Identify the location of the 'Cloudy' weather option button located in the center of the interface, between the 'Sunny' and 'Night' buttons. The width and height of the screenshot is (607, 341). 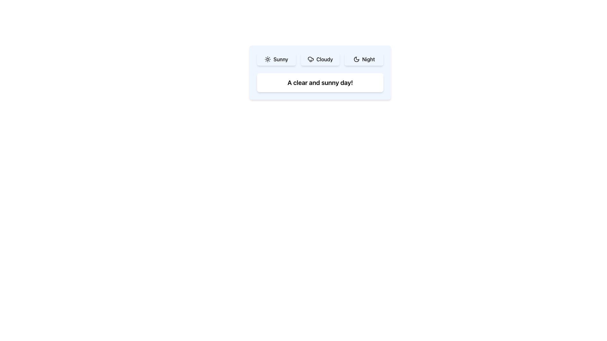
(320, 59).